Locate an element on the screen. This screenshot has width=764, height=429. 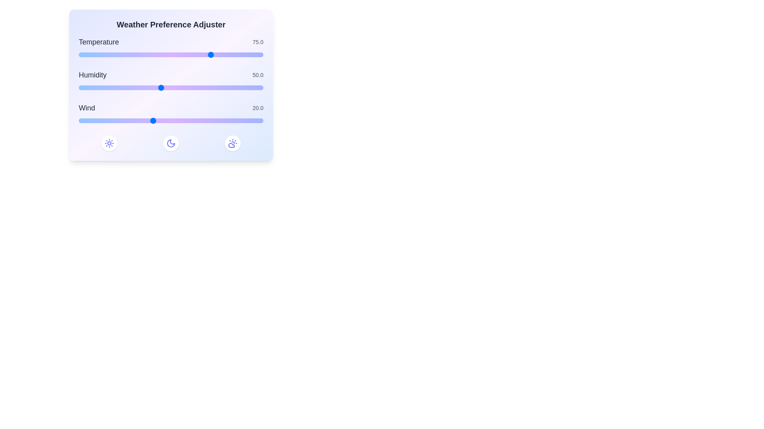
wind preference is located at coordinates (145, 121).